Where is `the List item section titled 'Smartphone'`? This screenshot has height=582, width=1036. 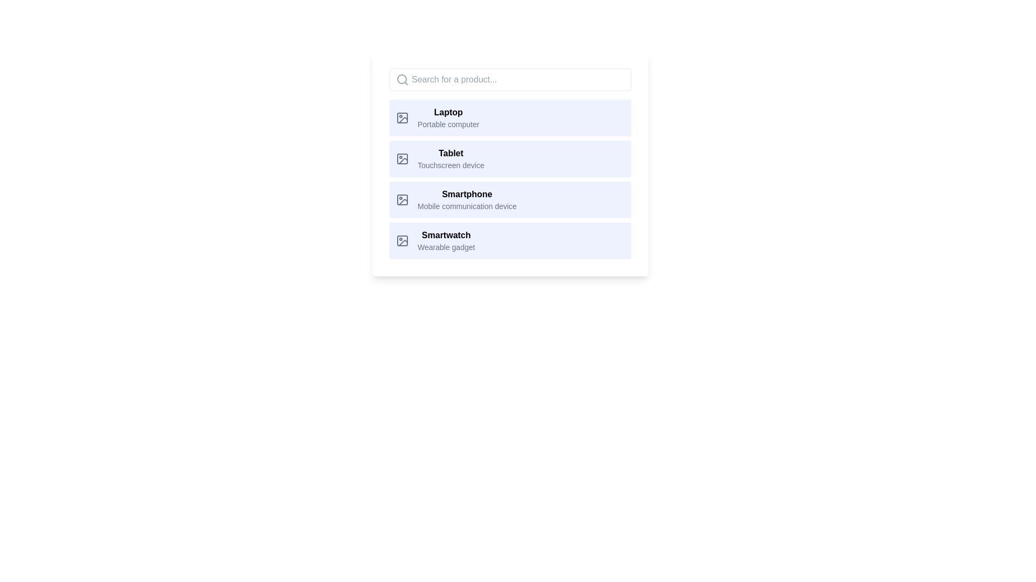
the List item section titled 'Smartphone' is located at coordinates (509, 199).